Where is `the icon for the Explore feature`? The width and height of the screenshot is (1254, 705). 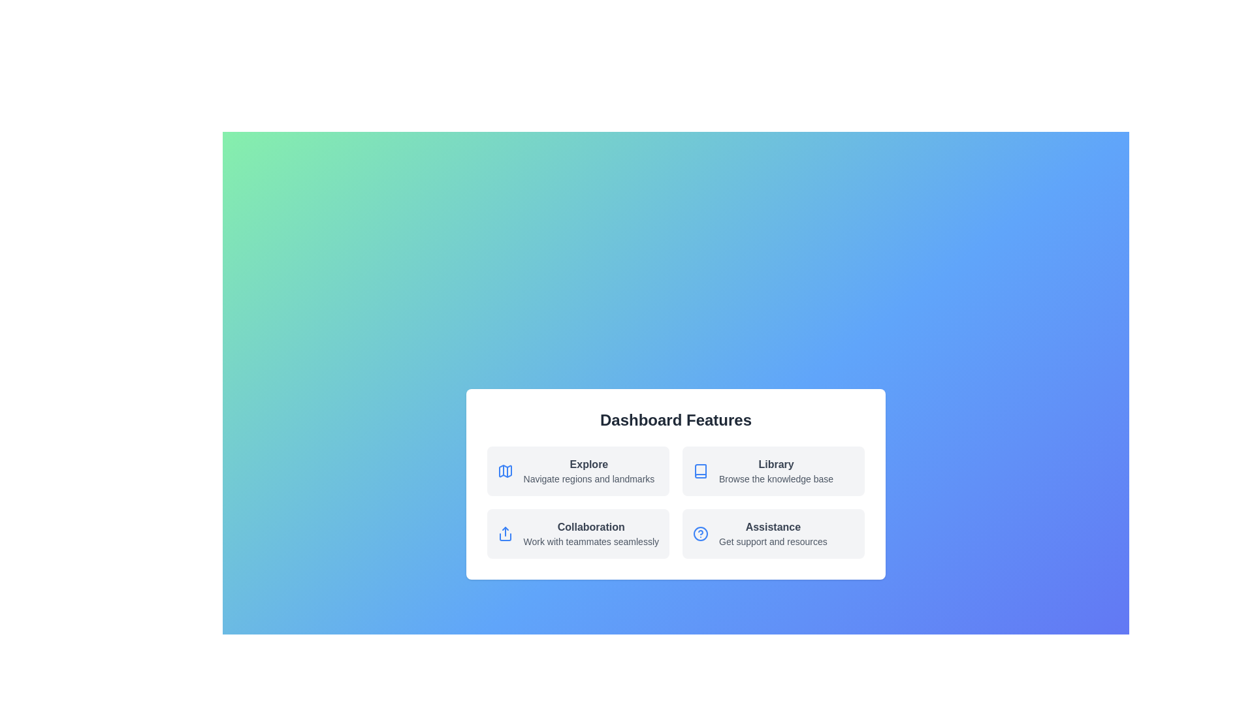 the icon for the Explore feature is located at coordinates (504, 471).